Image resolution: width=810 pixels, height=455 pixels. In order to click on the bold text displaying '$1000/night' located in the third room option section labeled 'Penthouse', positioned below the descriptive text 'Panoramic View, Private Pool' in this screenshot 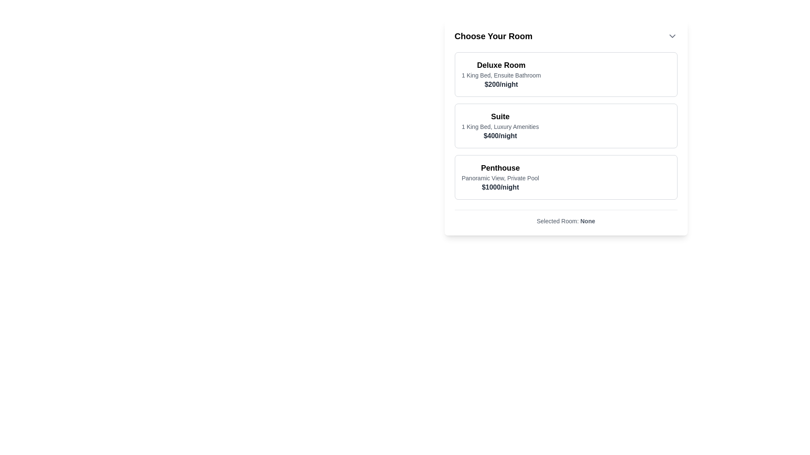, I will do `click(500, 187)`.